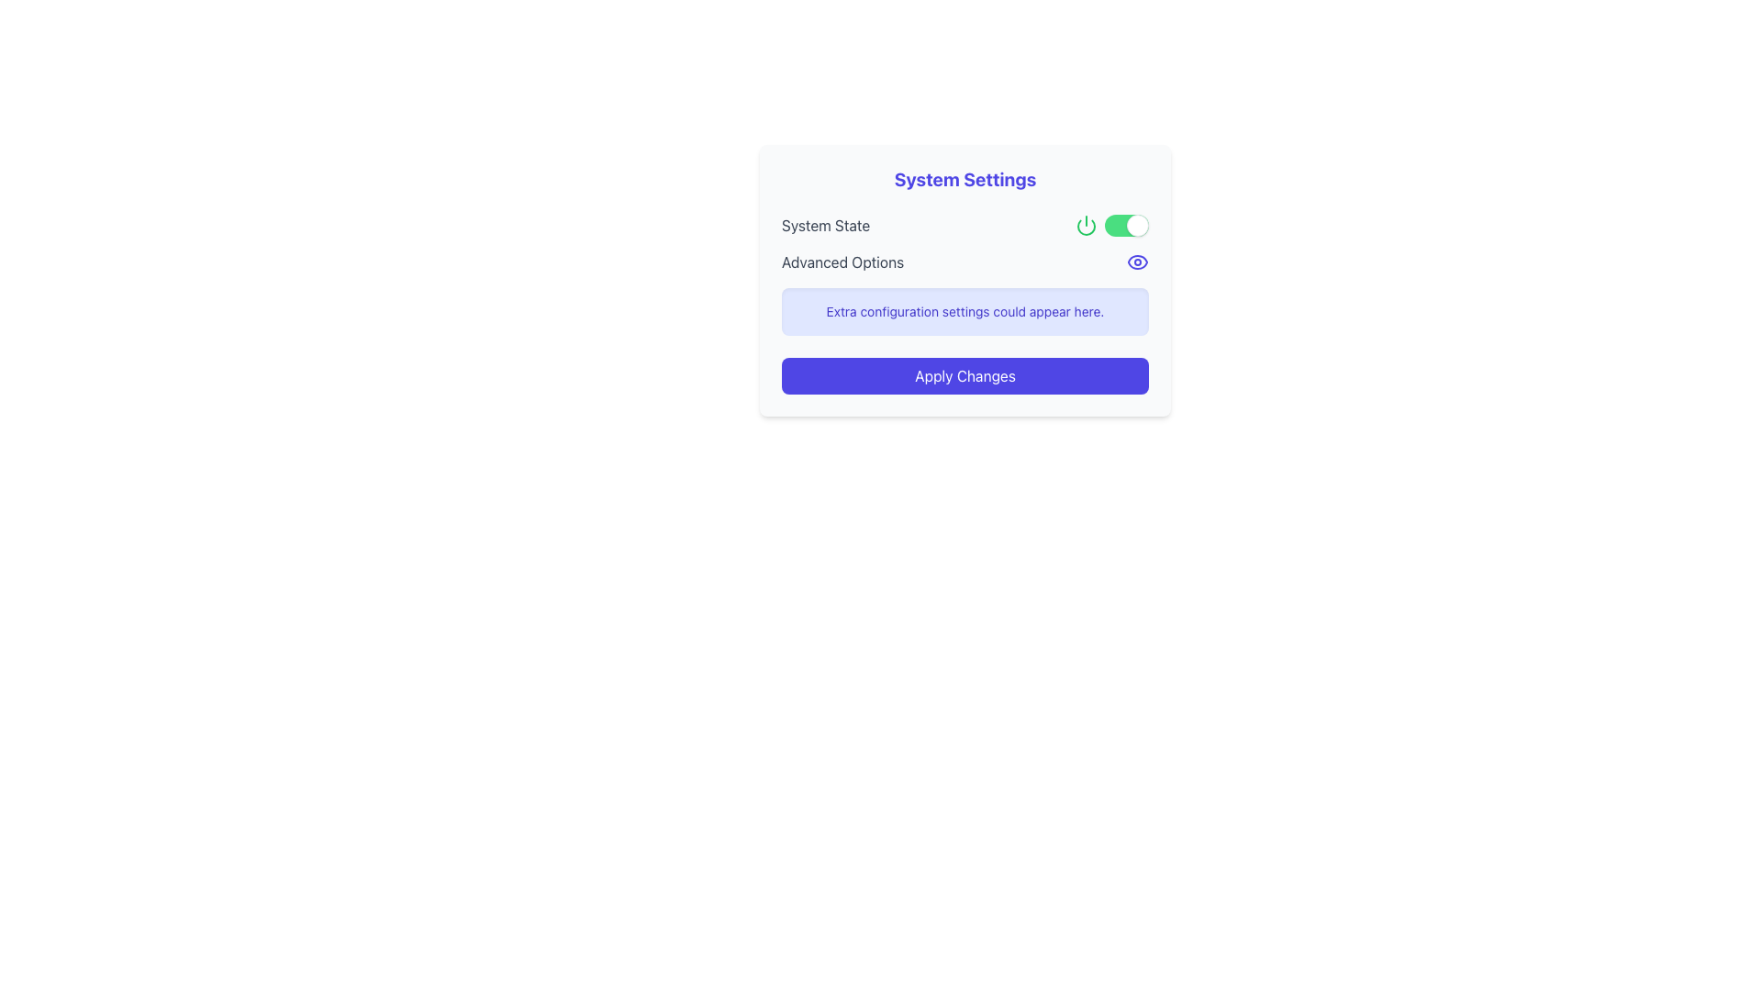 Image resolution: width=1762 pixels, height=991 pixels. What do you see at coordinates (1126, 225) in the screenshot?
I see `the toggle switch located in the 'System Settings' section, to the right of the 'System State' label and the green power icon` at bounding box center [1126, 225].